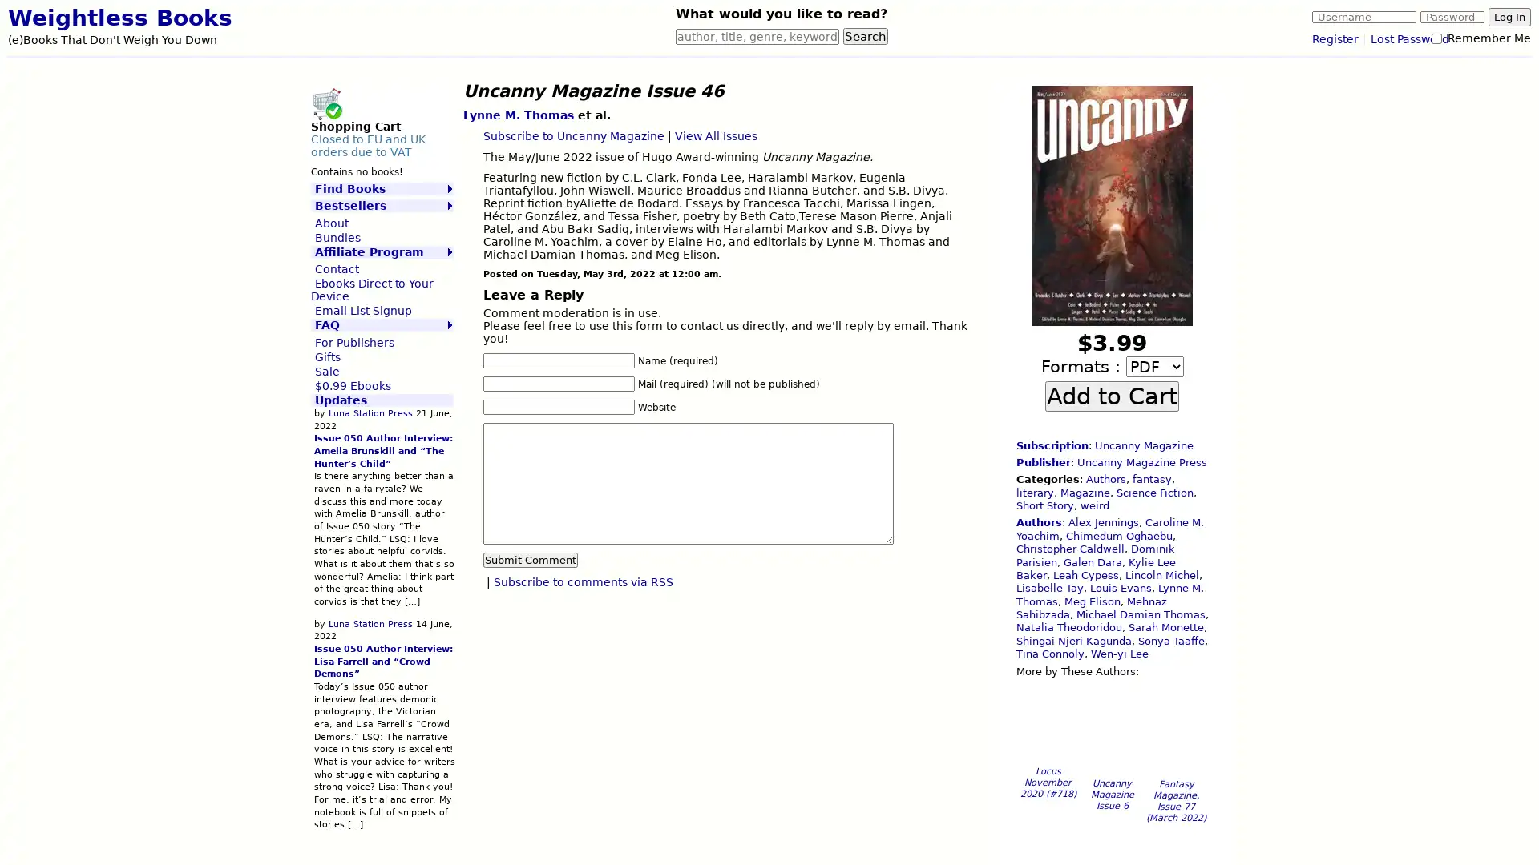 The image size is (1539, 865). I want to click on Log In, so click(1509, 17).